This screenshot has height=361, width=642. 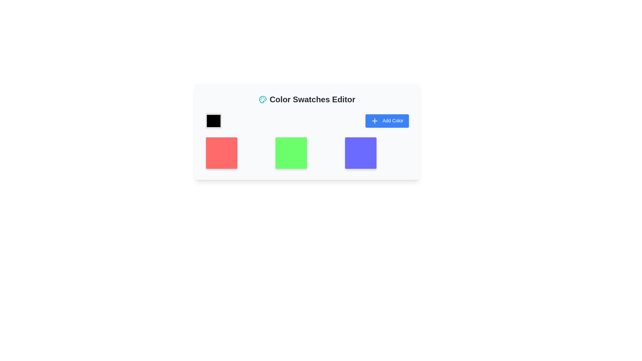 What do you see at coordinates (332, 143) in the screenshot?
I see `the delete button located at the top-right corner of the green square, which is used to remove or hide the green square from the interface` at bounding box center [332, 143].